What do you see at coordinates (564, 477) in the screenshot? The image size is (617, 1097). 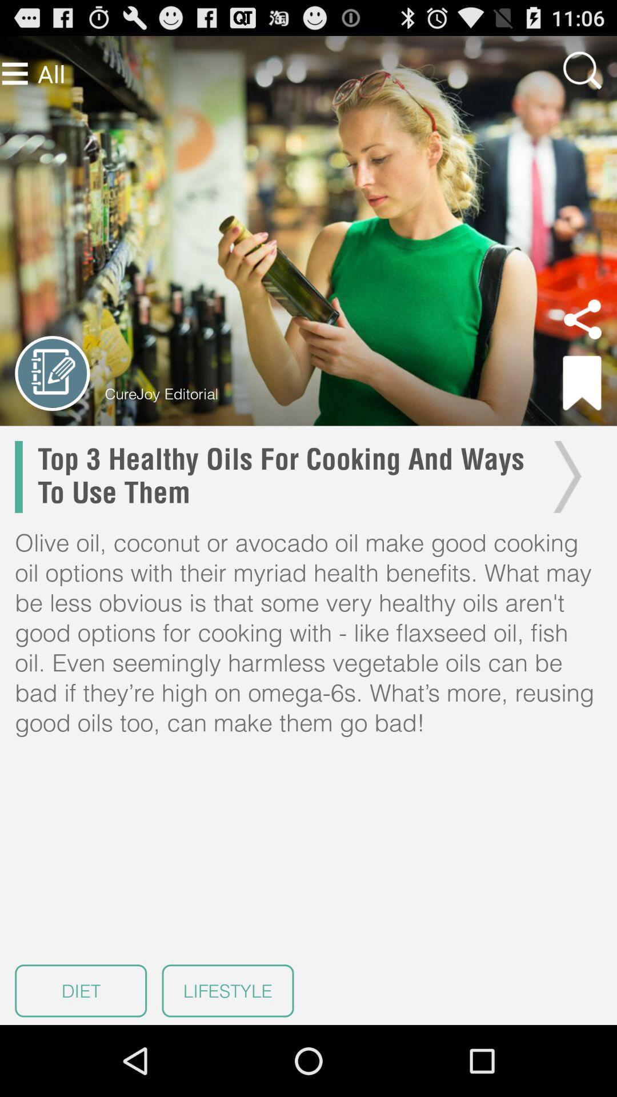 I see `next page` at bounding box center [564, 477].